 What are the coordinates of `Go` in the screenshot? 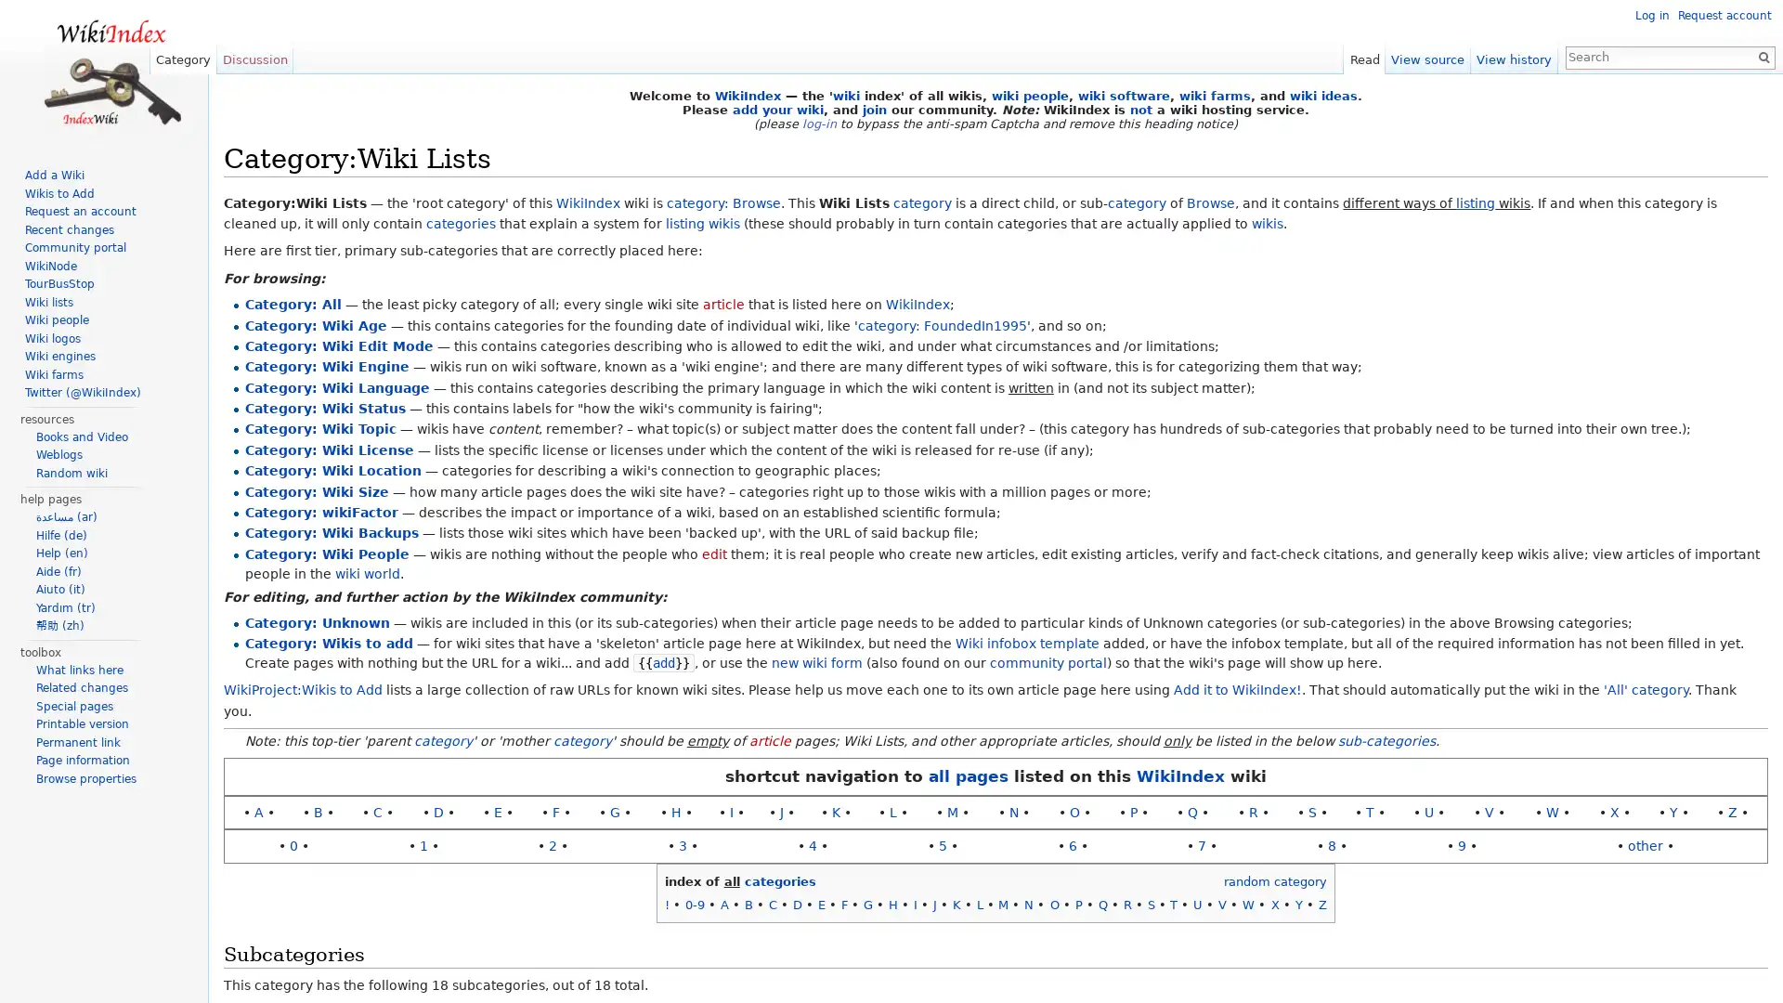 It's located at (1755, 56).